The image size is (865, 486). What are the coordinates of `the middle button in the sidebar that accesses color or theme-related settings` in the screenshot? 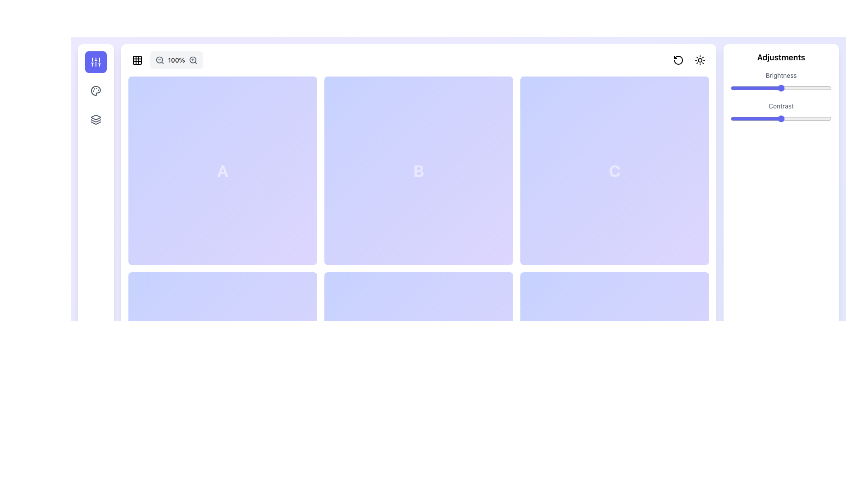 It's located at (96, 90).